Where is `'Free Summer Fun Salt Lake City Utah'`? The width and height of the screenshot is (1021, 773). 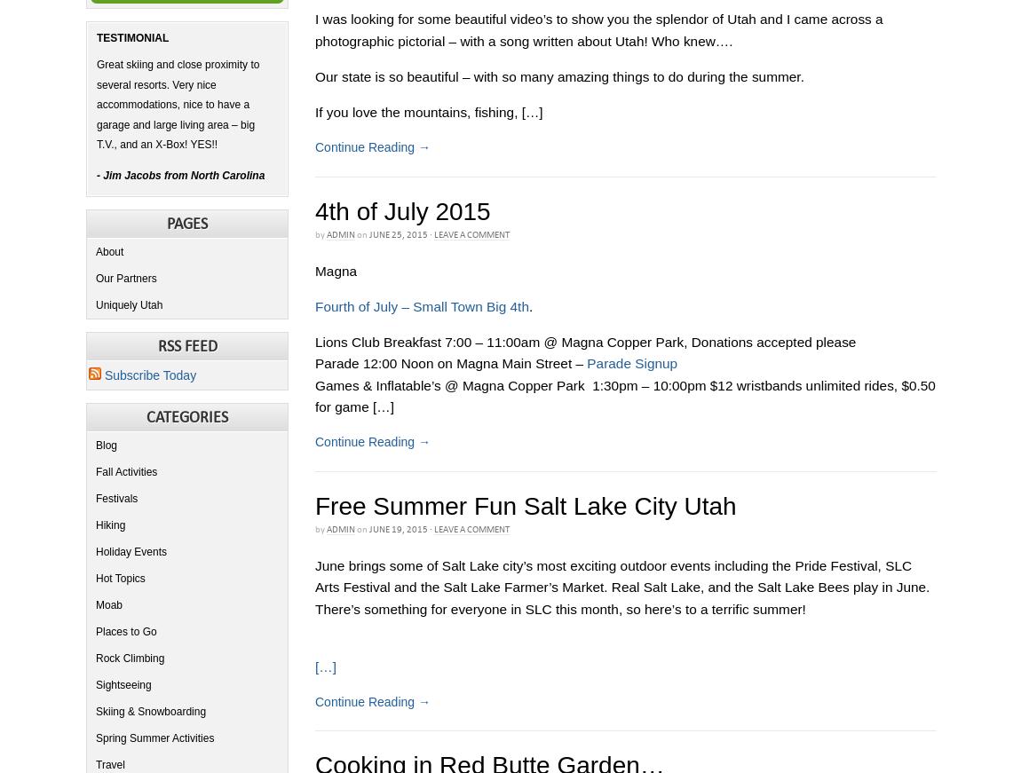
'Free Summer Fun Salt Lake City Utah' is located at coordinates (315, 506).